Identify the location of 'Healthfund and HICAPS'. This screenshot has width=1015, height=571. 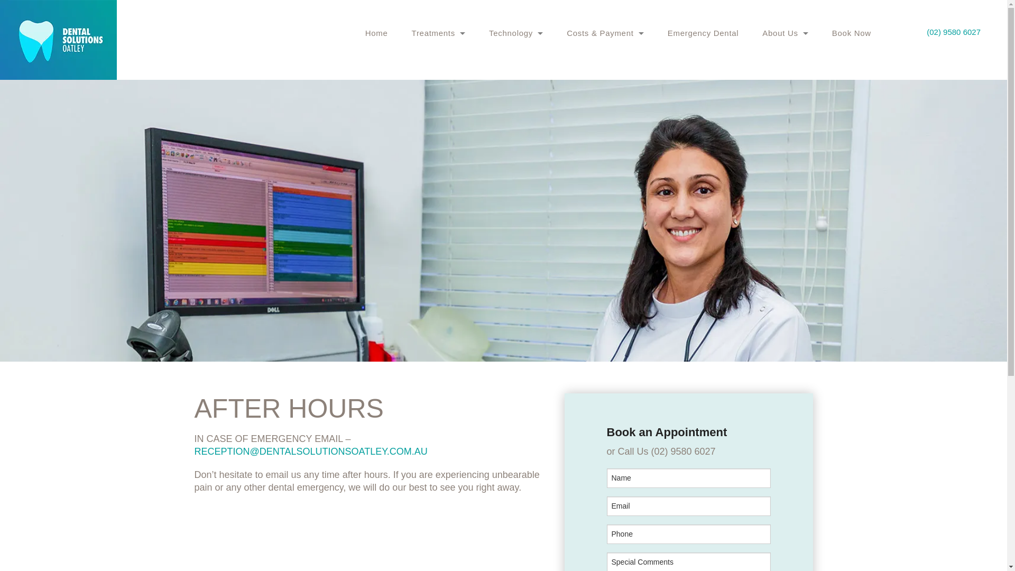
(605, 60).